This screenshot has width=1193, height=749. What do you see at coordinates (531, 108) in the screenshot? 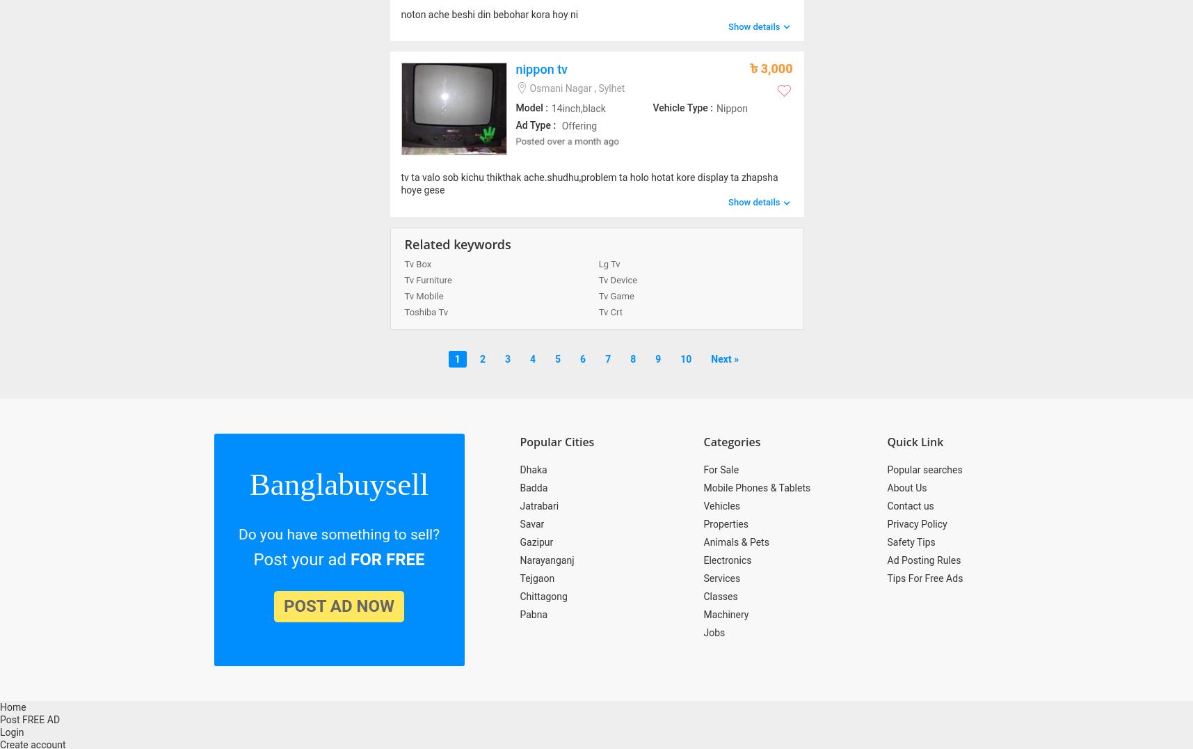
I see `'Model :'` at bounding box center [531, 108].